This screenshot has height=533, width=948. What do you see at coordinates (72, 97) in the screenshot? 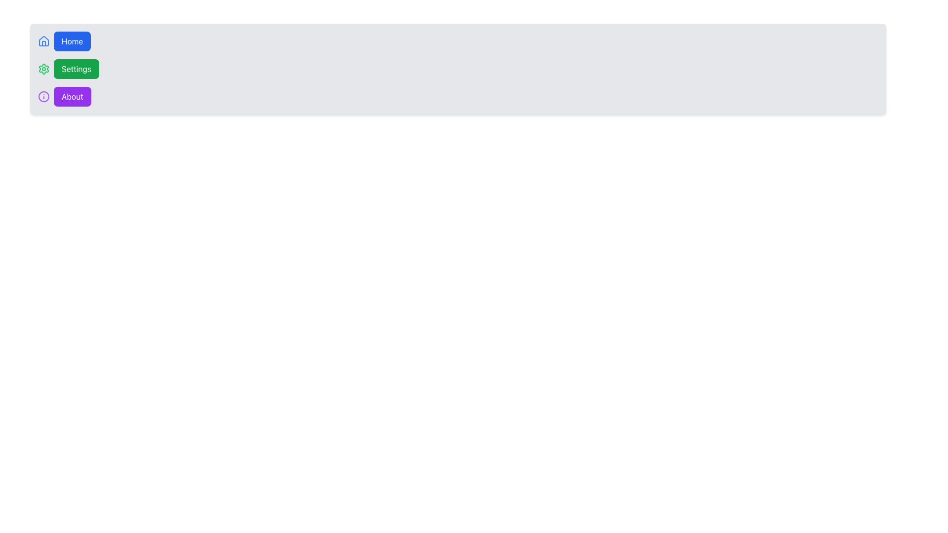
I see `the purple 'About' button located at the bottom of the sidebar` at bounding box center [72, 97].